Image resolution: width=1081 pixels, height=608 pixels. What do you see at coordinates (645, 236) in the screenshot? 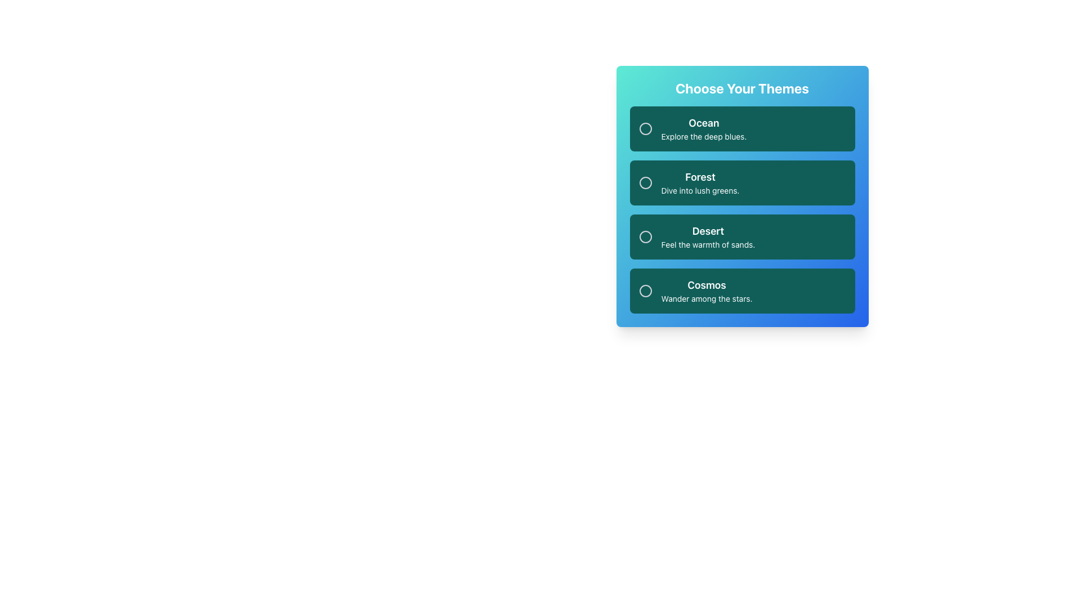
I see `the radio button indicating the 'Desert' theme` at bounding box center [645, 236].